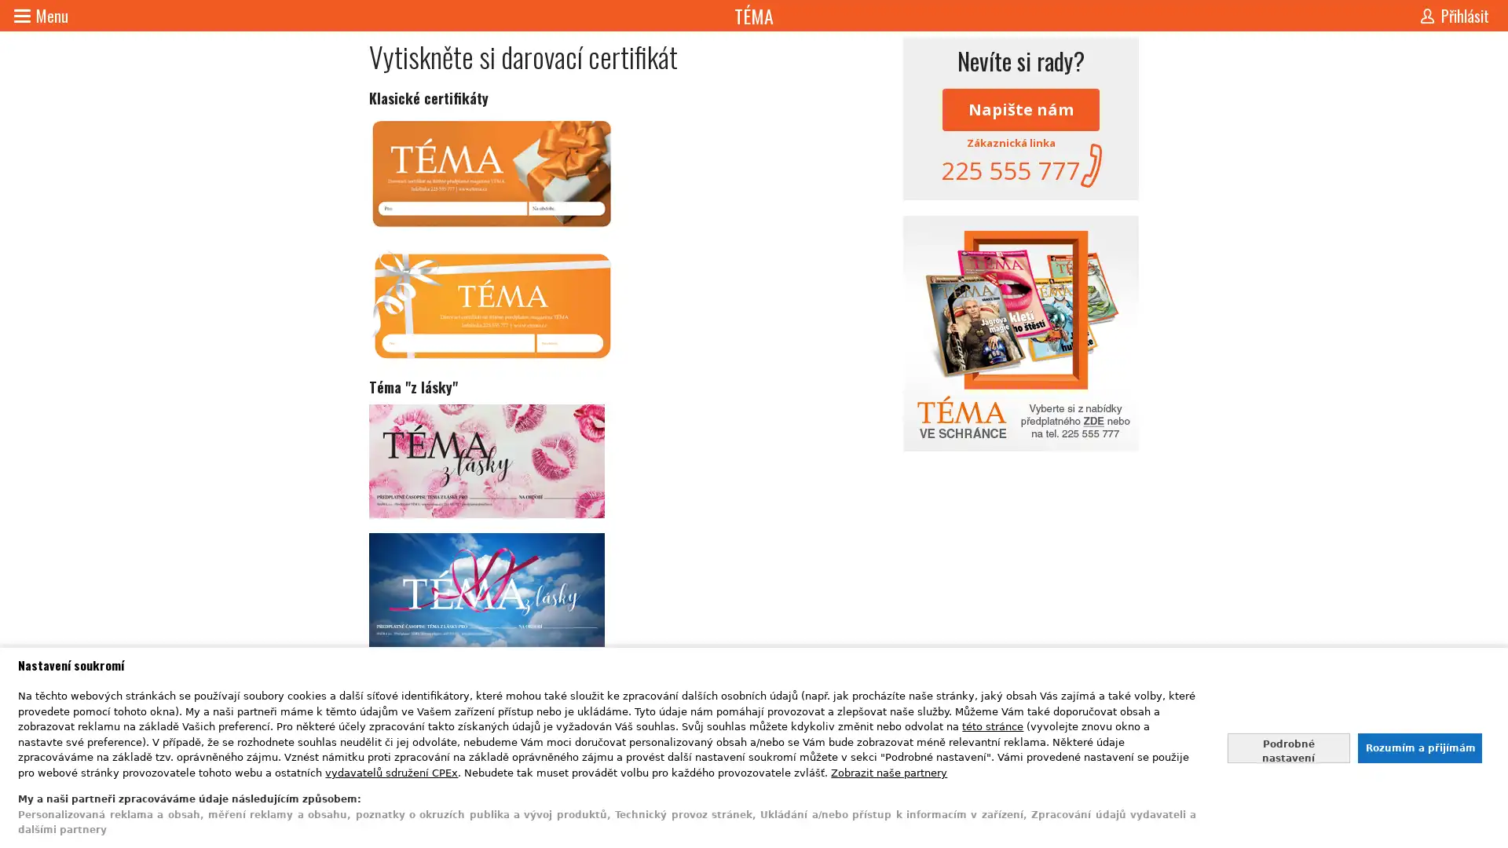 Image resolution: width=1508 pixels, height=848 pixels. What do you see at coordinates (1418, 747) in the screenshot?
I see `Souhlasit s nasim zpracovanim udaju a zavrit` at bounding box center [1418, 747].